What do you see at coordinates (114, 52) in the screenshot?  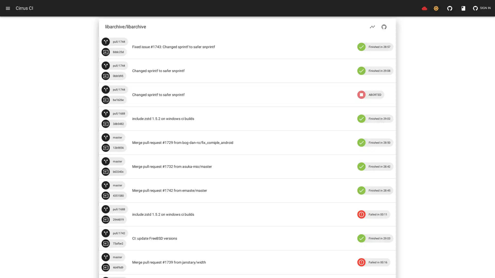 I see `8ddc25d` at bounding box center [114, 52].